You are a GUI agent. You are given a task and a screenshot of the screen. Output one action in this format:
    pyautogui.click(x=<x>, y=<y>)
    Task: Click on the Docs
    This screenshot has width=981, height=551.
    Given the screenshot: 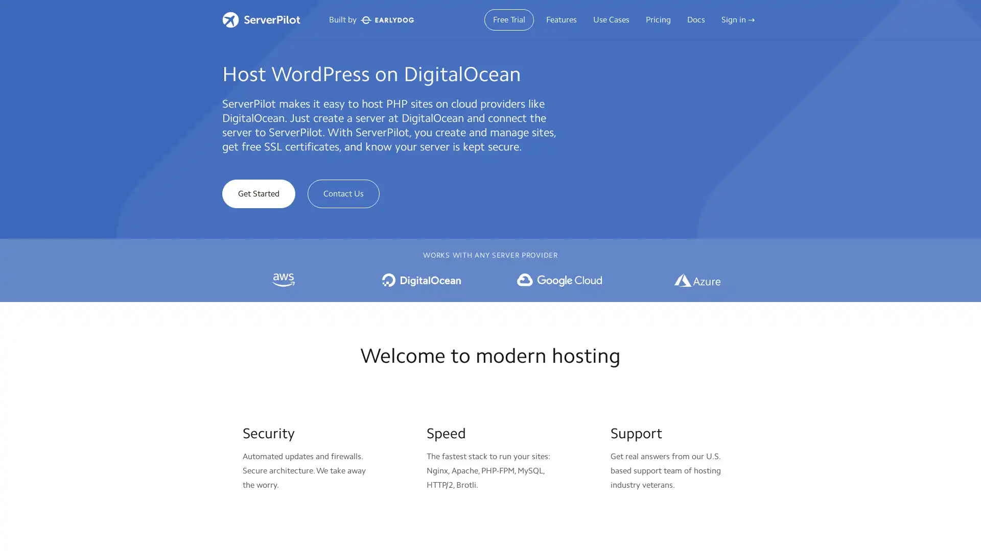 What is the action you would take?
    pyautogui.click(x=695, y=19)
    